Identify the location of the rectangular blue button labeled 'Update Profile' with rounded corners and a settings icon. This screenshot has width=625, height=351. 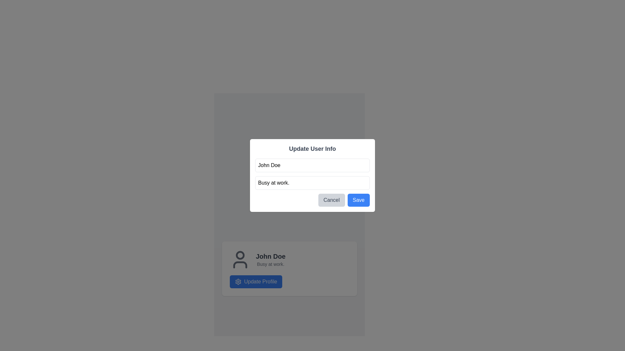
(256, 281).